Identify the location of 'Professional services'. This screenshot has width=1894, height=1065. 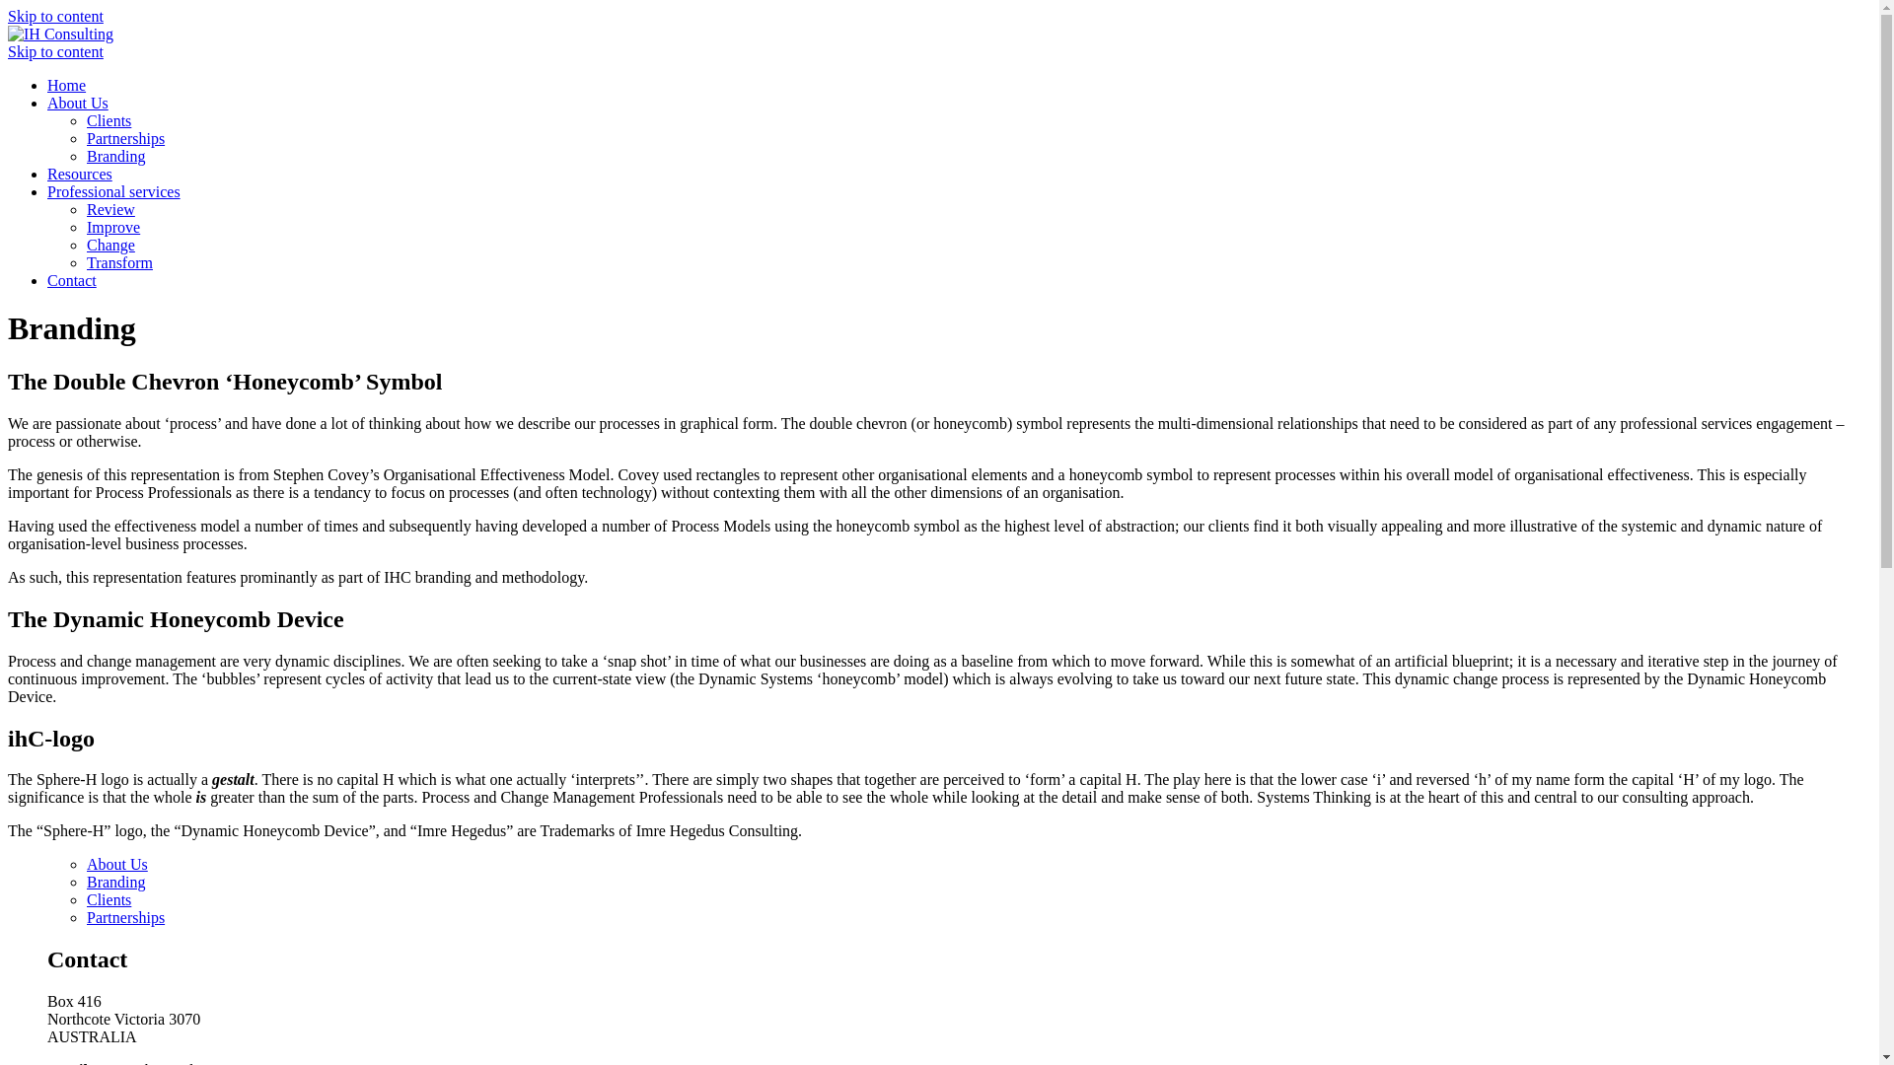
(47, 191).